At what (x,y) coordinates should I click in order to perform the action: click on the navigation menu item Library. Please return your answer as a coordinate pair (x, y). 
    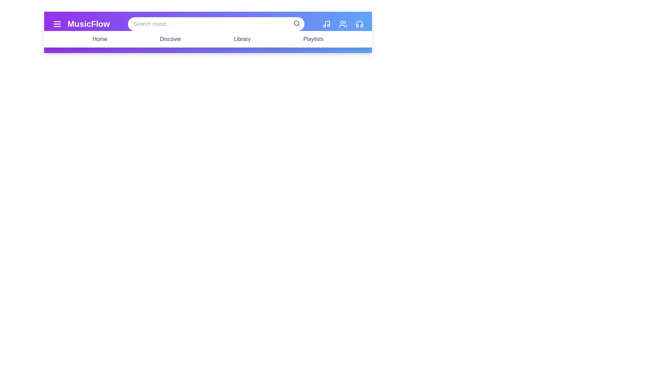
    Looking at the image, I should click on (242, 39).